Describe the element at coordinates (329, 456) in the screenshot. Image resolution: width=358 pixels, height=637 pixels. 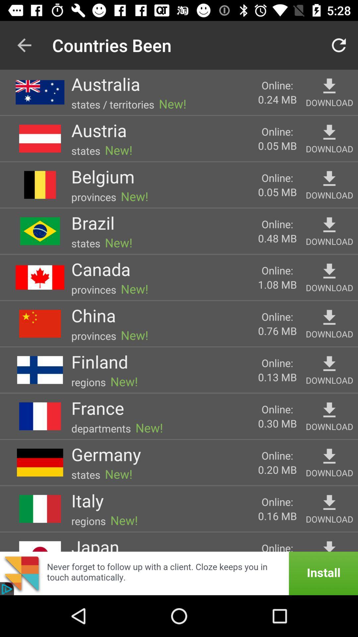
I see `download button` at that location.